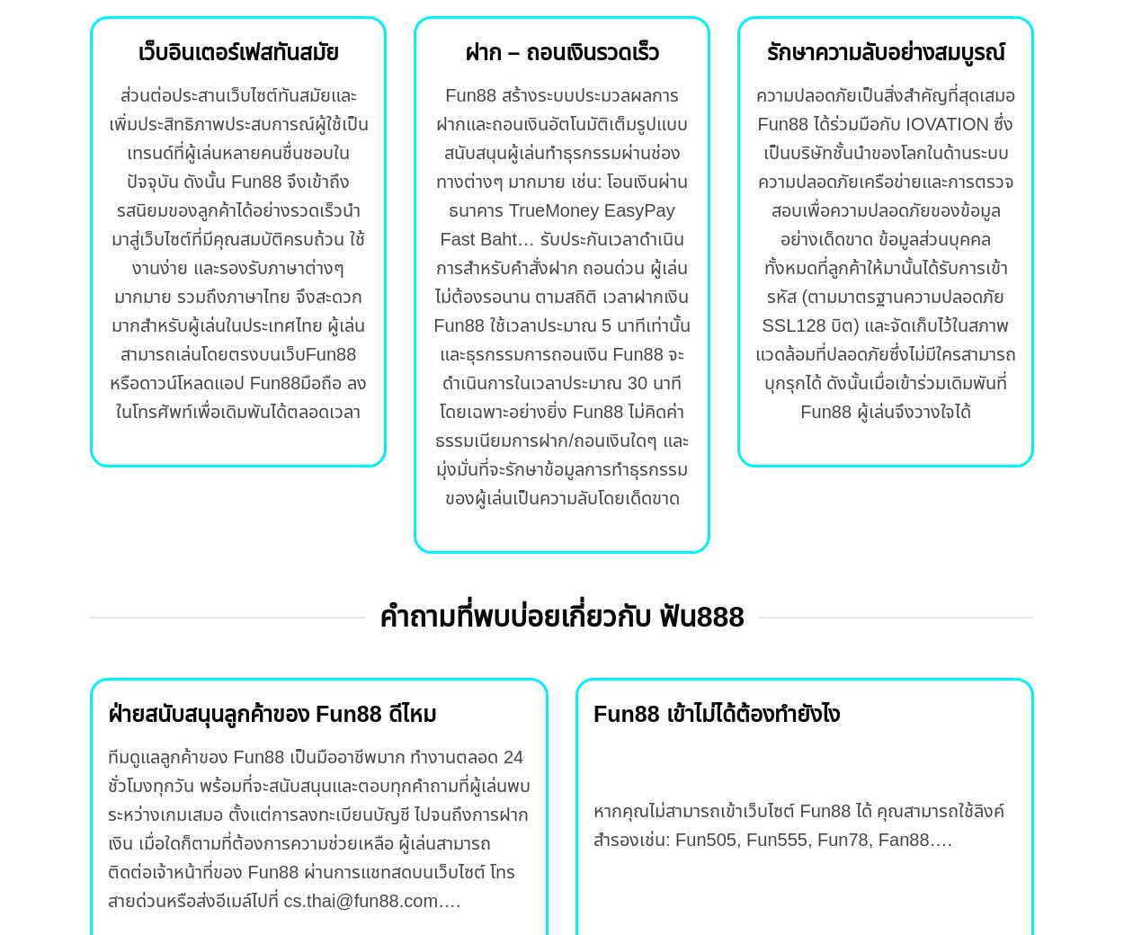 The width and height of the screenshot is (1124, 935). What do you see at coordinates (448, 901) in the screenshot?
I see `'….'` at bounding box center [448, 901].